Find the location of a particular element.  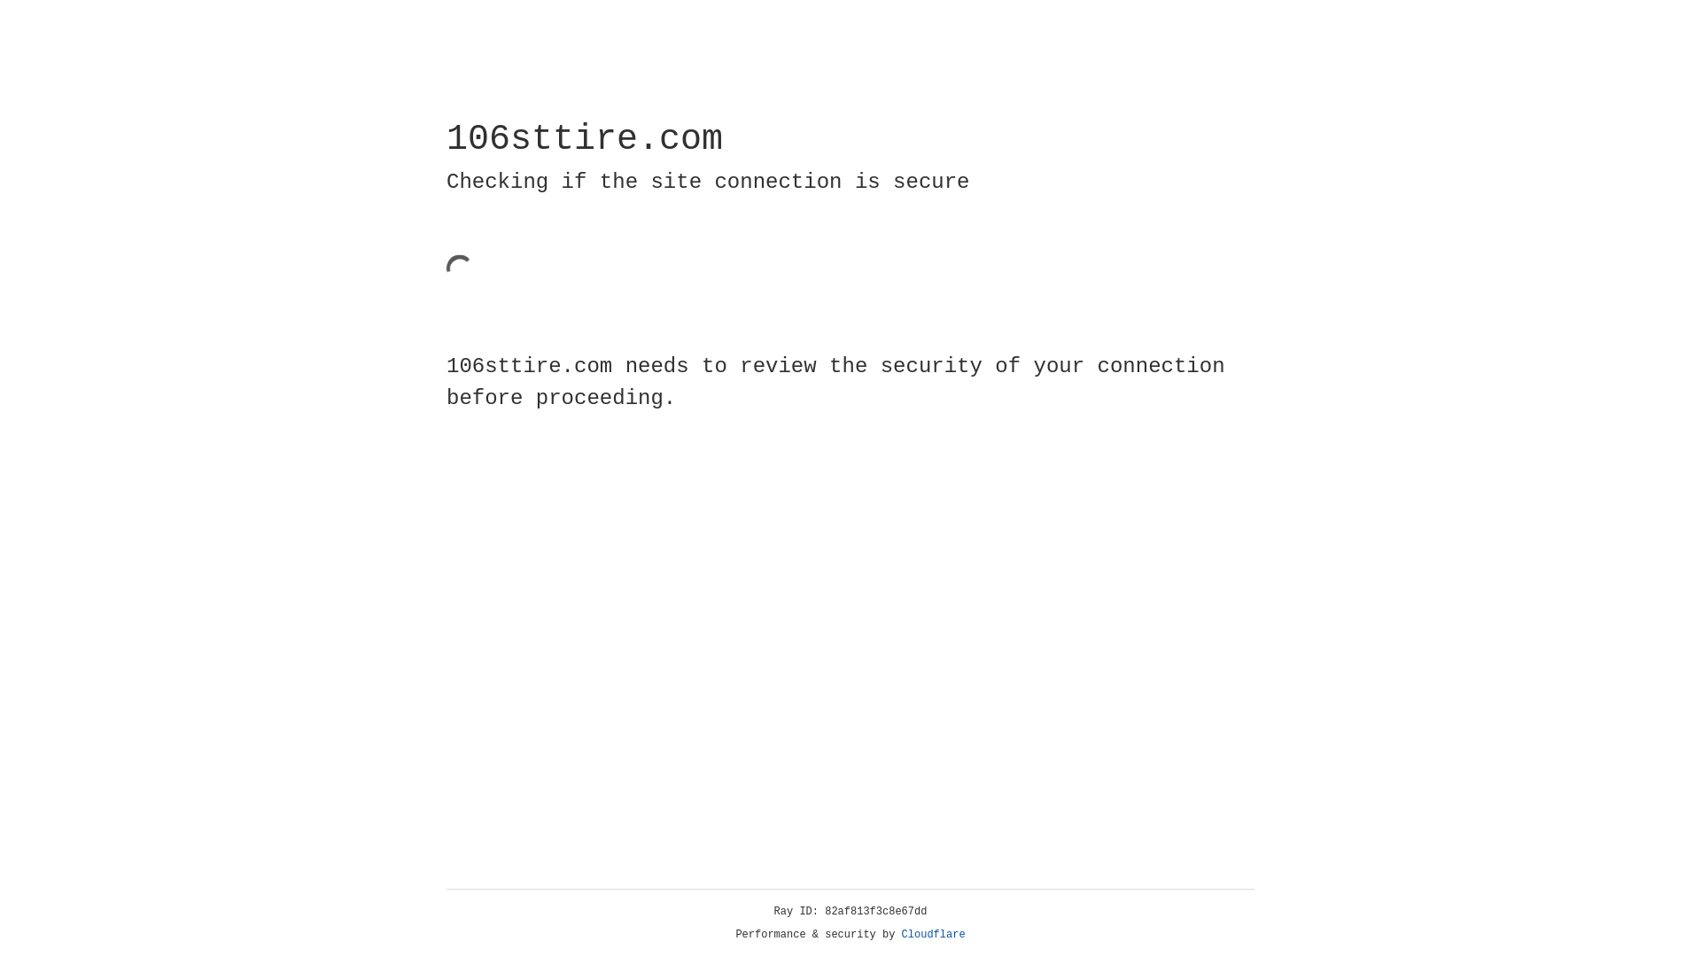

'Cloudflare' is located at coordinates (933, 934).